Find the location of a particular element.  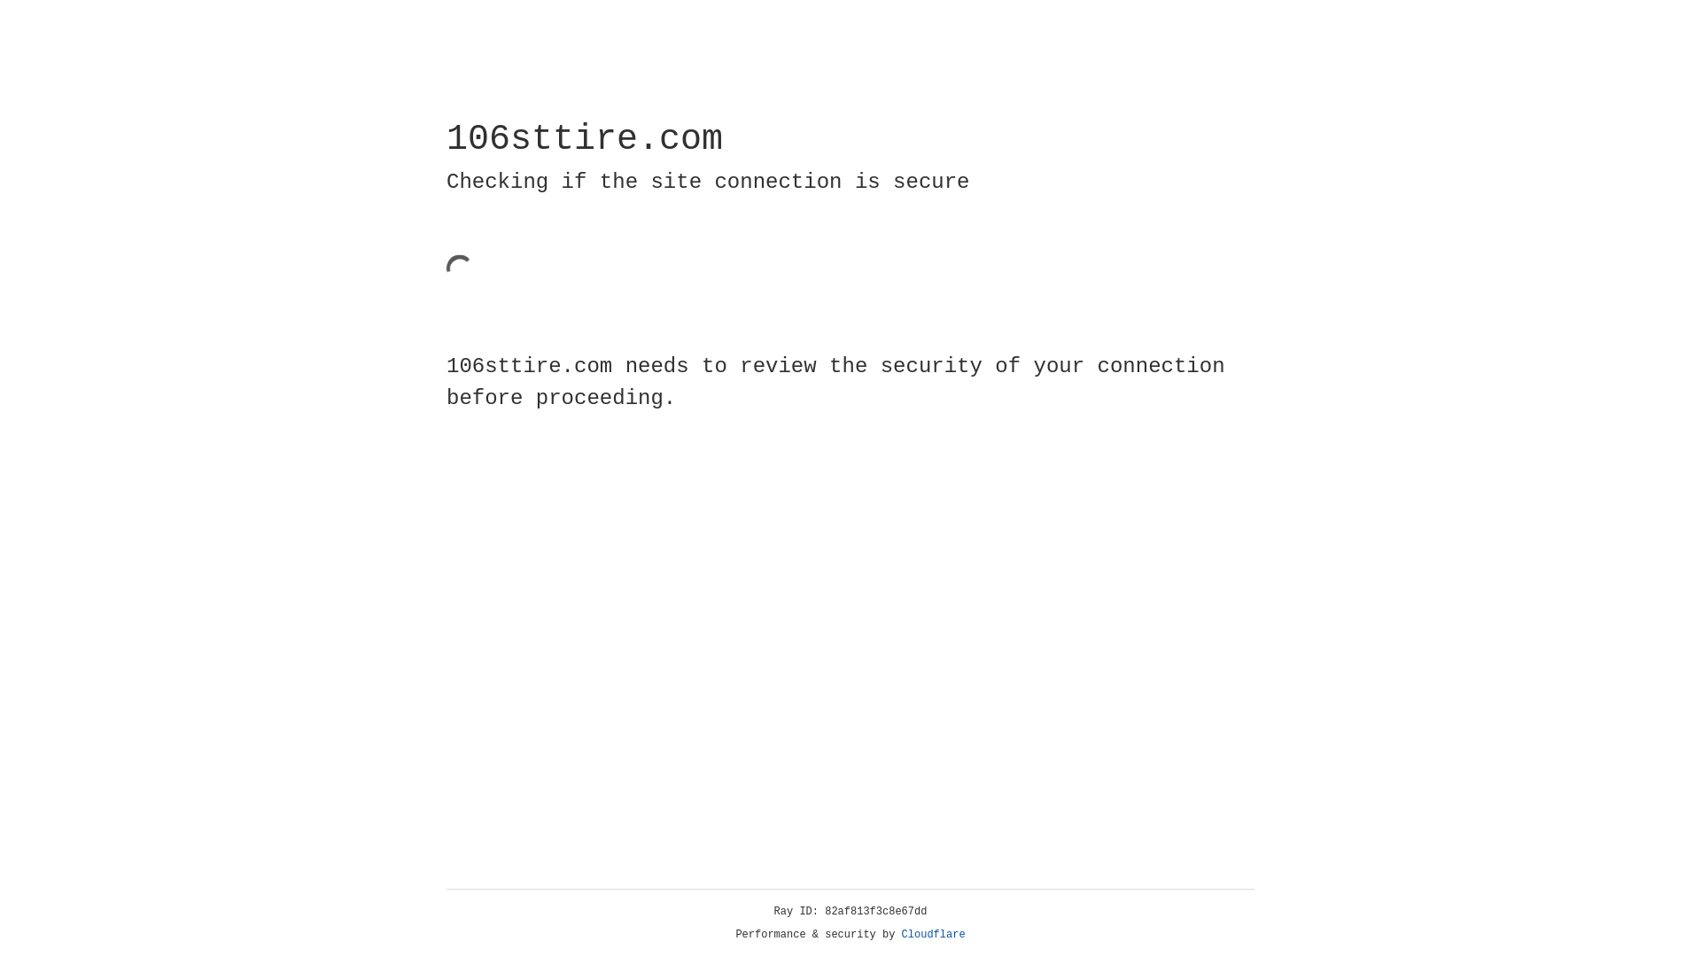

'Cloudflare' is located at coordinates (933, 934).